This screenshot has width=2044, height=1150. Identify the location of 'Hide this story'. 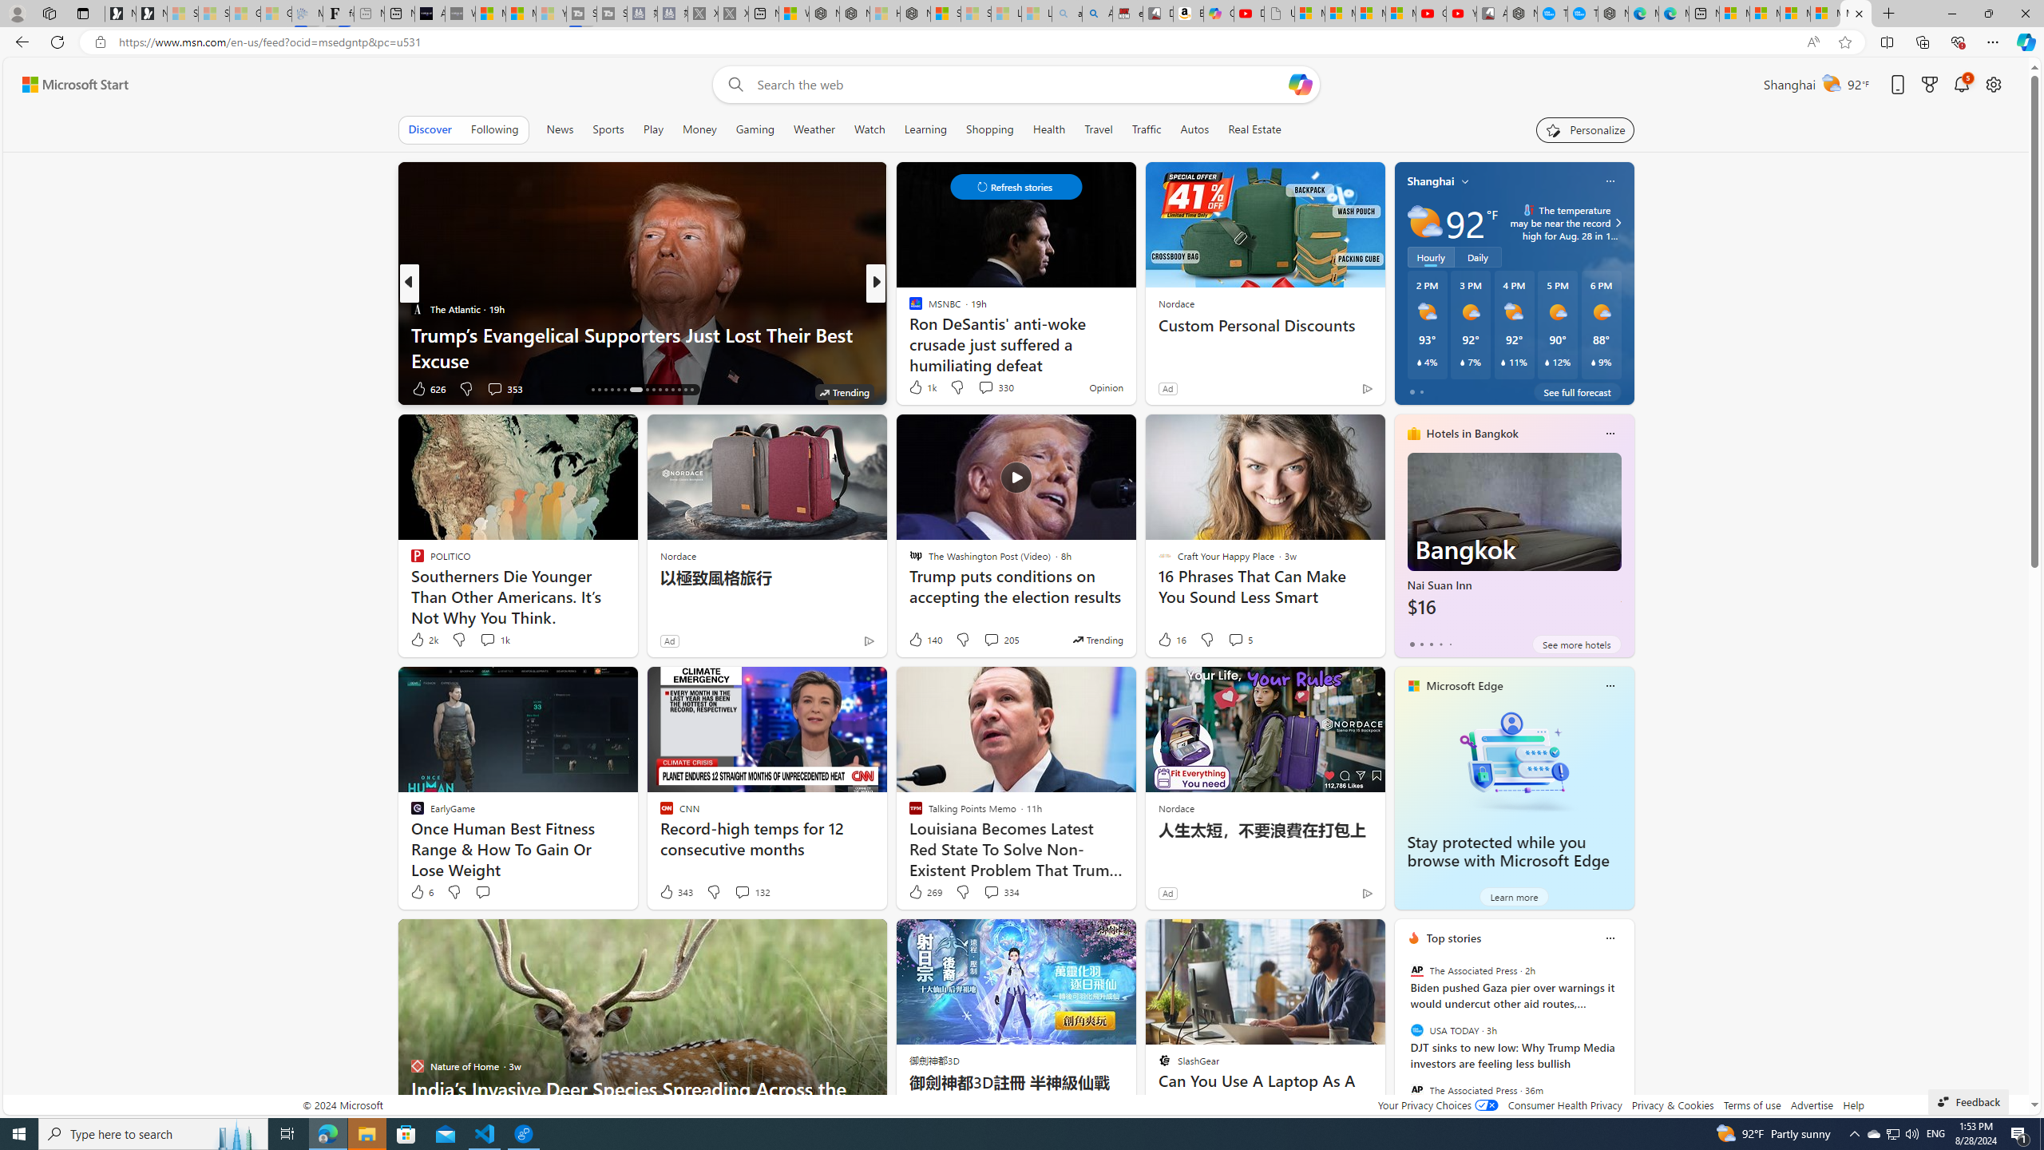
(1337, 938).